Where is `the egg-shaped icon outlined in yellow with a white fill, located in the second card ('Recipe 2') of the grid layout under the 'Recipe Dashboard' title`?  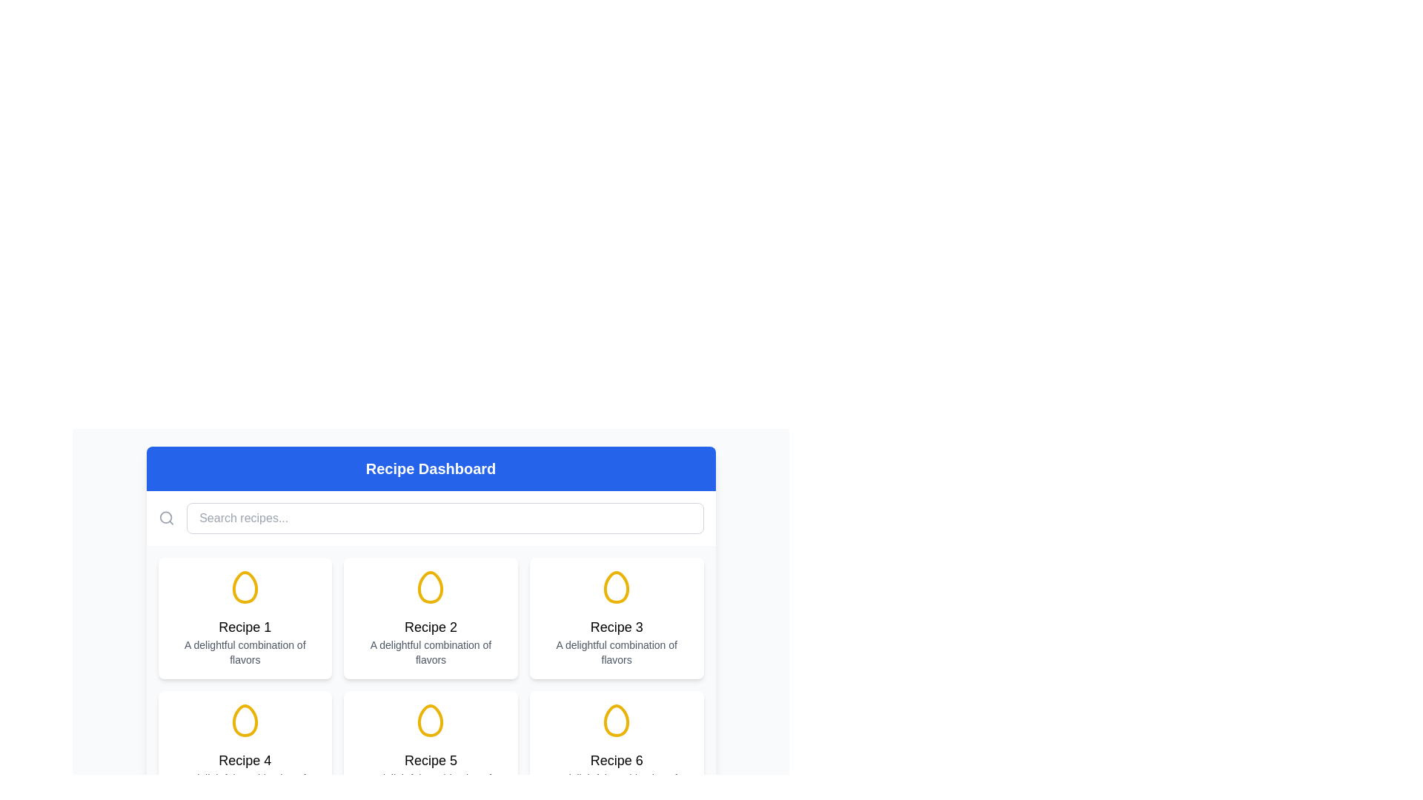 the egg-shaped icon outlined in yellow with a white fill, located in the second card ('Recipe 2') of the grid layout under the 'Recipe Dashboard' title is located at coordinates (430, 587).